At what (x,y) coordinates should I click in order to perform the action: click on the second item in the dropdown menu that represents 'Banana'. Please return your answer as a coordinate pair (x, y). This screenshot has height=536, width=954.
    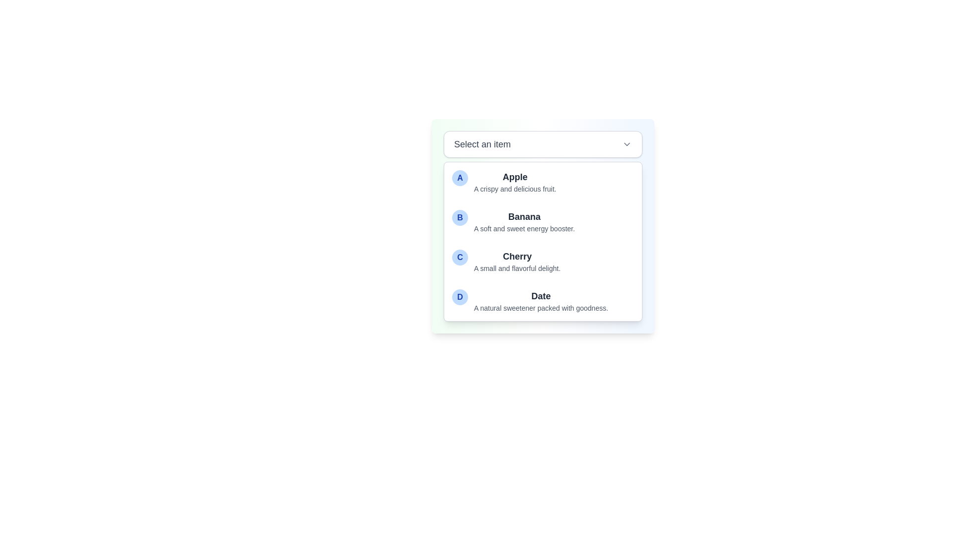
    Looking at the image, I should click on (543, 221).